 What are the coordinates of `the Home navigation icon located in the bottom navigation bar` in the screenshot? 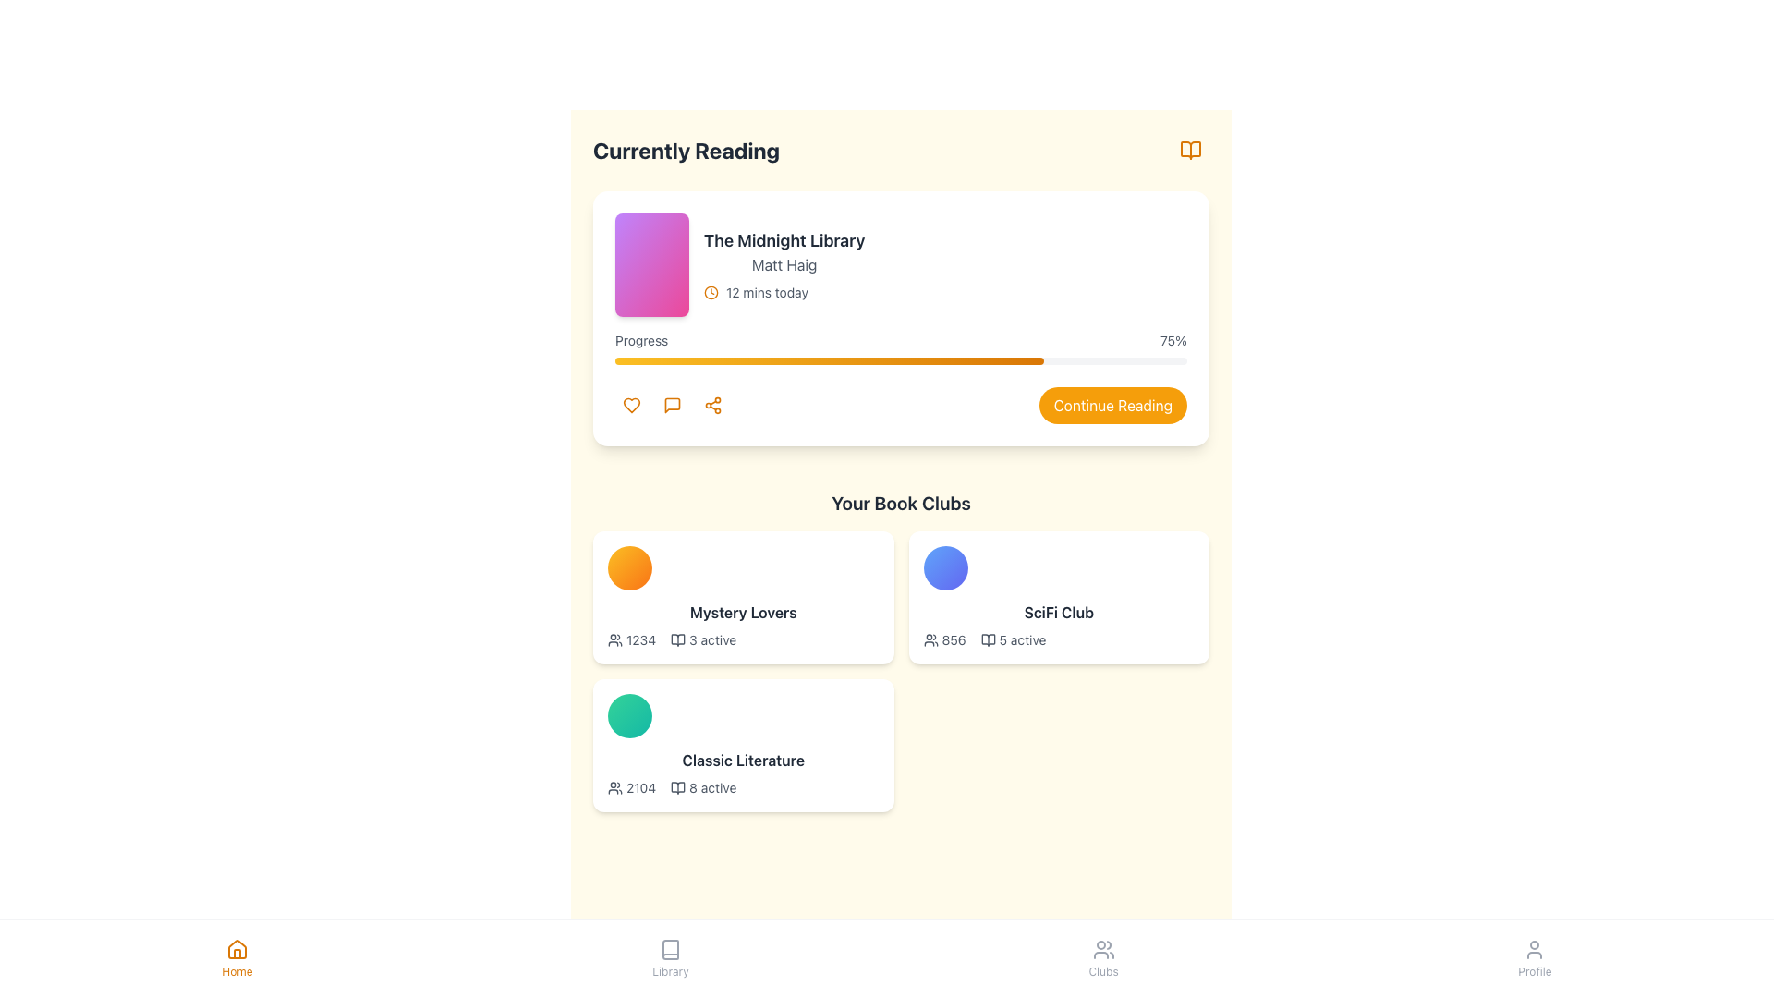 It's located at (236, 954).